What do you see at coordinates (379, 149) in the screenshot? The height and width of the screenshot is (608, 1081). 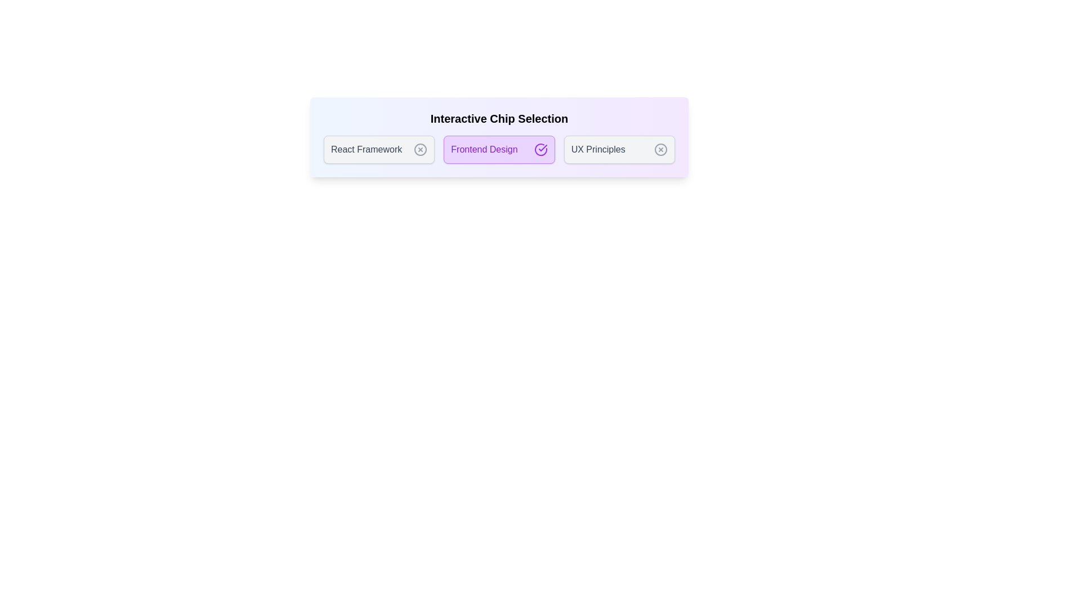 I see `the text of the chip labeled React Framework` at bounding box center [379, 149].